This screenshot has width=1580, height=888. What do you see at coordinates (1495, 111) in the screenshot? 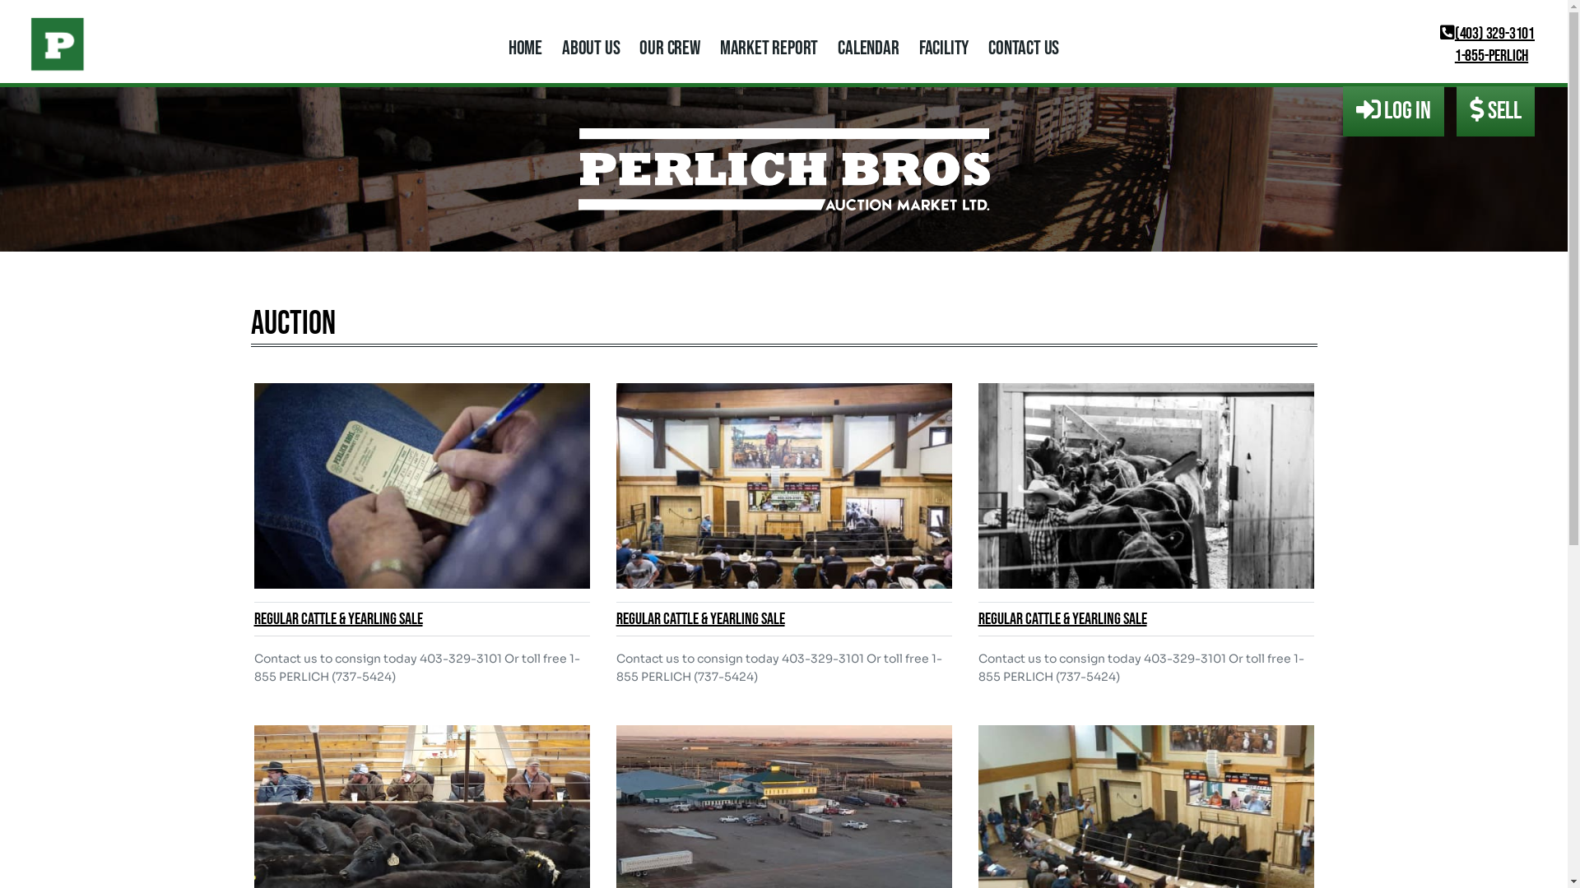
I see `'SELL'` at bounding box center [1495, 111].